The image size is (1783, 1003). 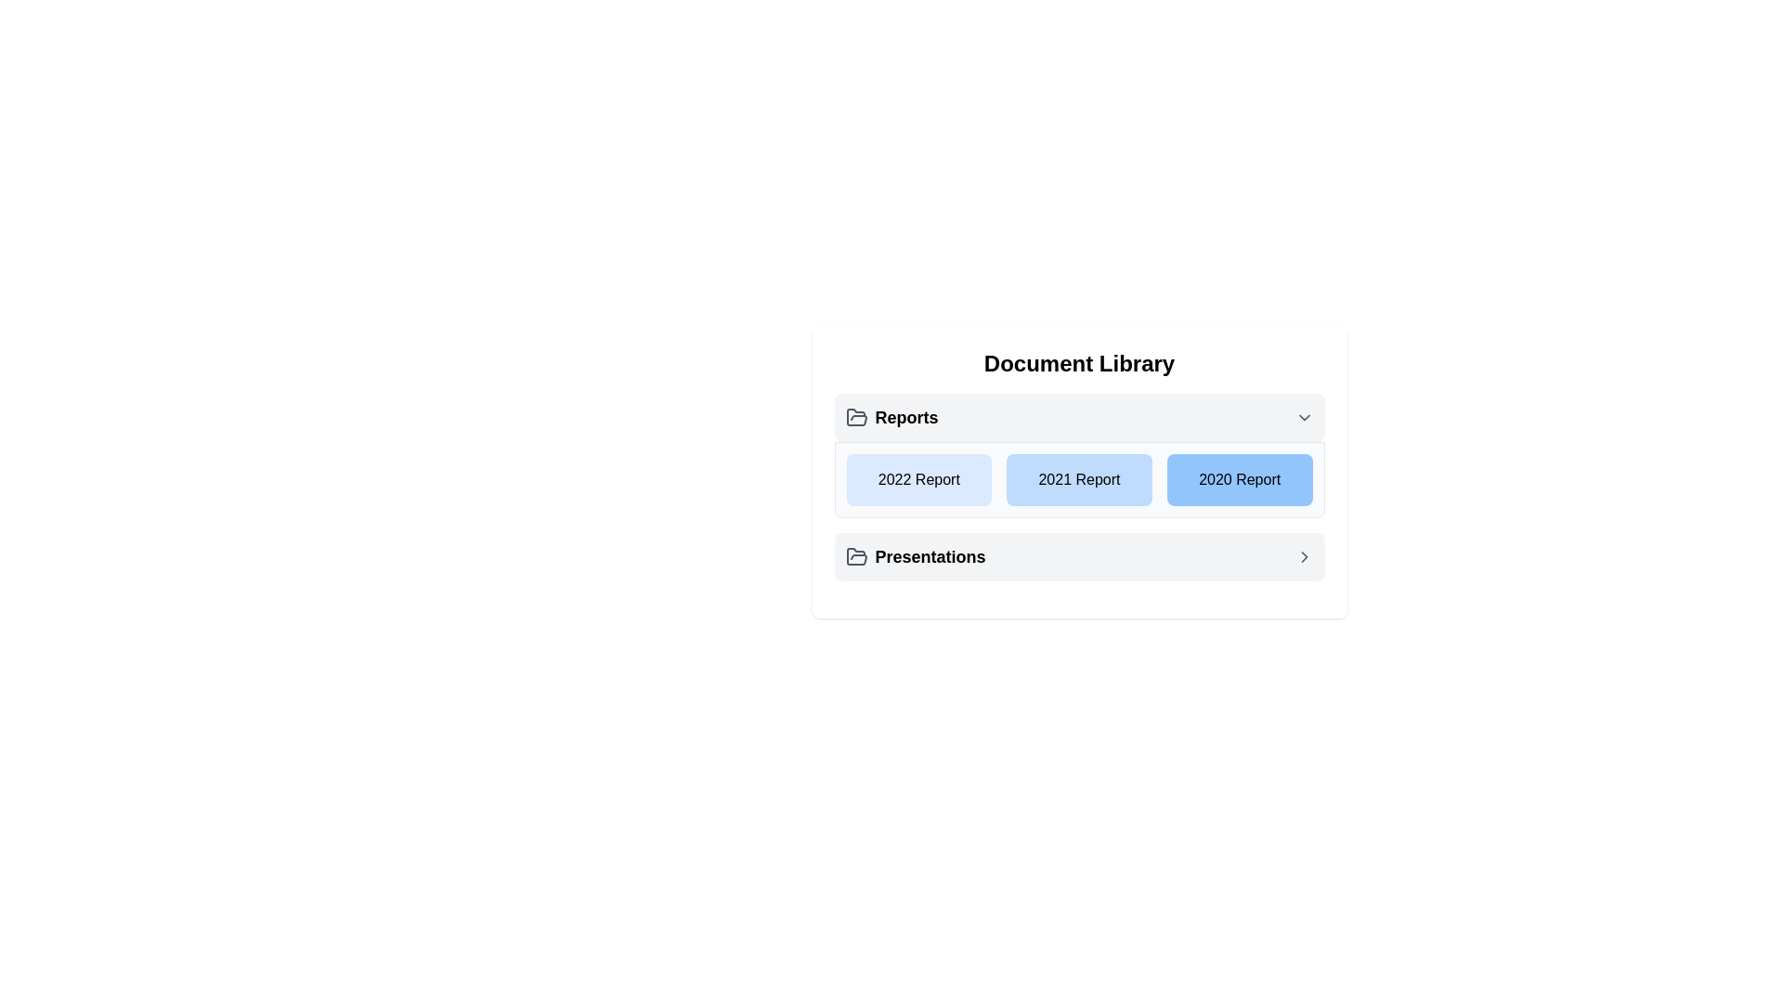 I want to click on the icon located at the far right of the 'Presentations' section in the 'Document Library' interface, so click(x=1303, y=556).